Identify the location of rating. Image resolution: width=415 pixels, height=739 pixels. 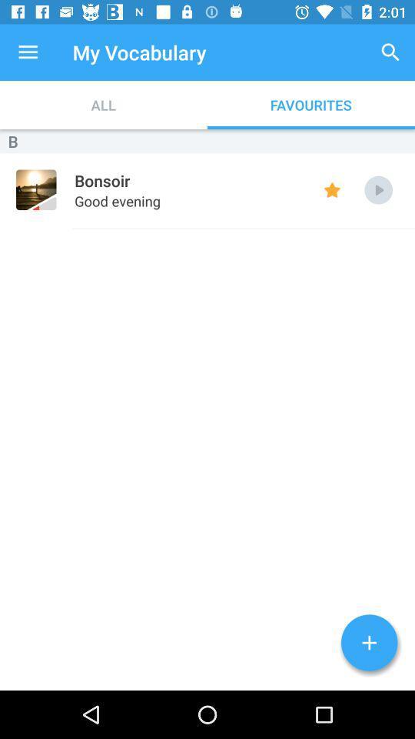
(331, 189).